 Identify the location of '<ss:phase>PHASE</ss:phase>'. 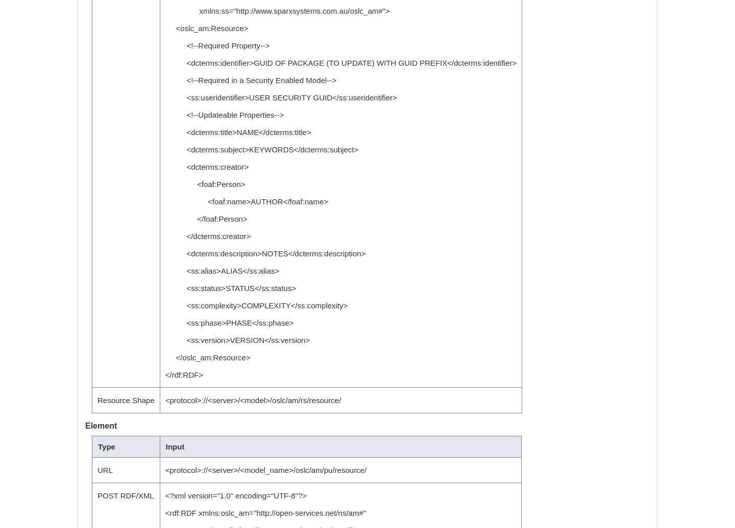
(229, 322).